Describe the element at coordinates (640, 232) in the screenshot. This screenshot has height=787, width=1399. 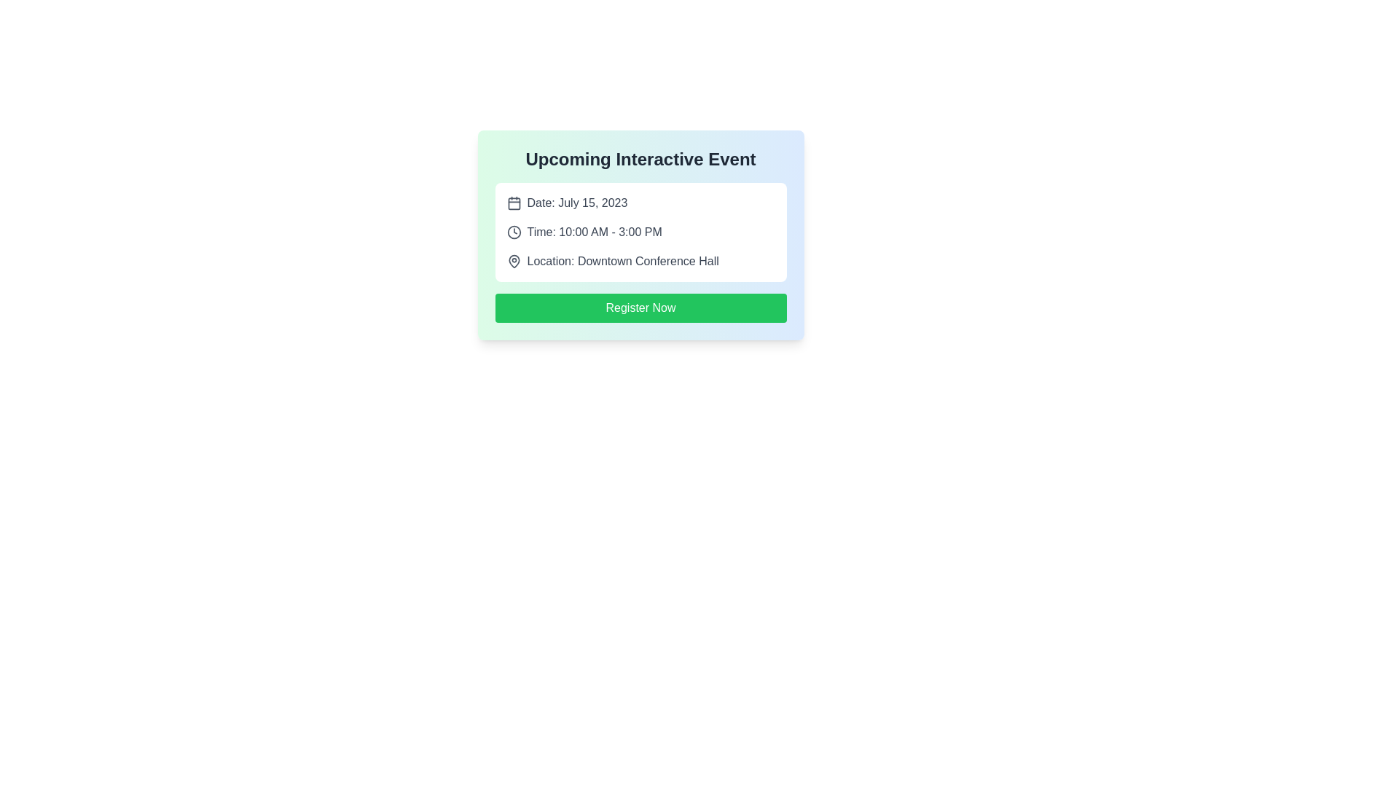
I see `the static text element that communicates the timing details of the upcoming interactive event, positioned between the date and location elements` at that location.